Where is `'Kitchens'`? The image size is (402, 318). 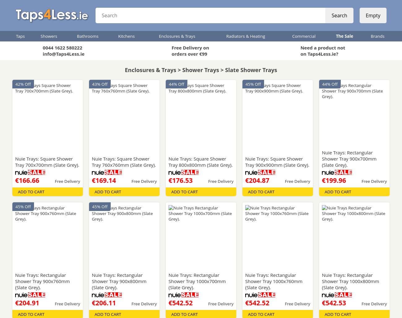
'Kitchens' is located at coordinates (126, 36).